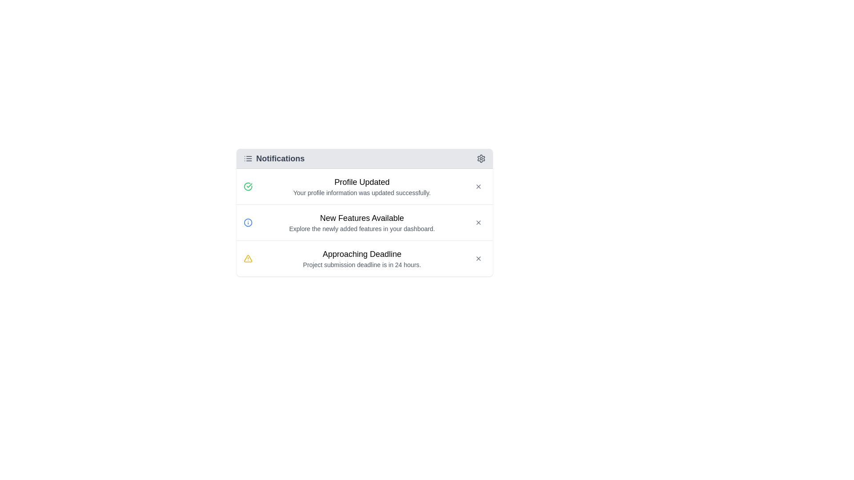 This screenshot has width=854, height=480. Describe the element at coordinates (365, 222) in the screenshot. I see `the notification card titled 'New Features Available' which includes the description 'Explore the newly added features in your dashboard.'` at that location.